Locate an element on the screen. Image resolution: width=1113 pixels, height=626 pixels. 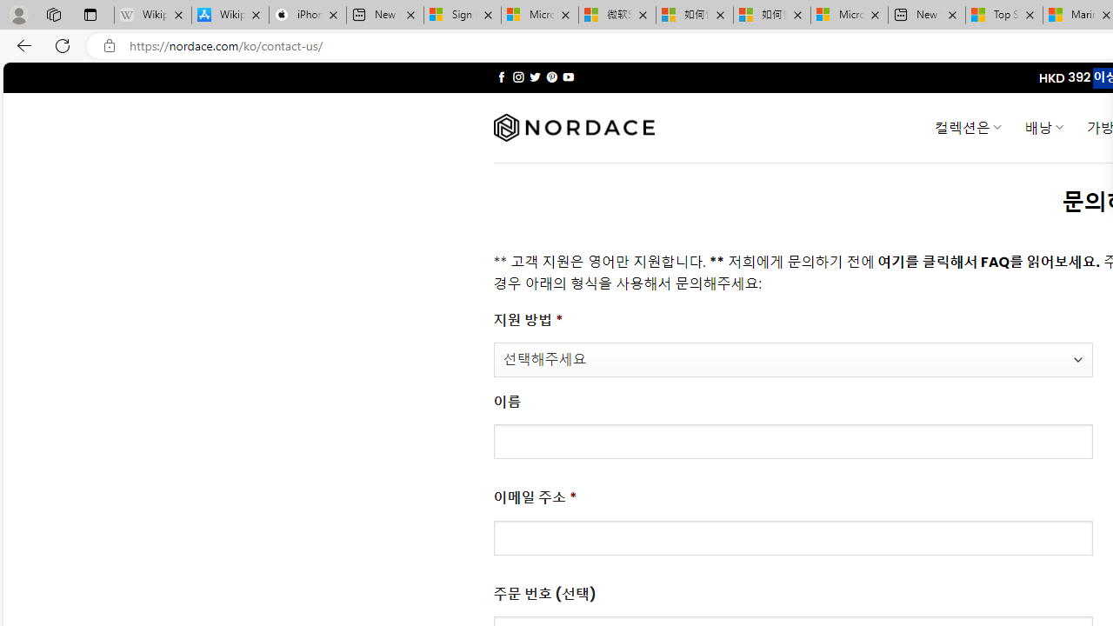
'Sign in to your Microsoft account' is located at coordinates (462, 15).